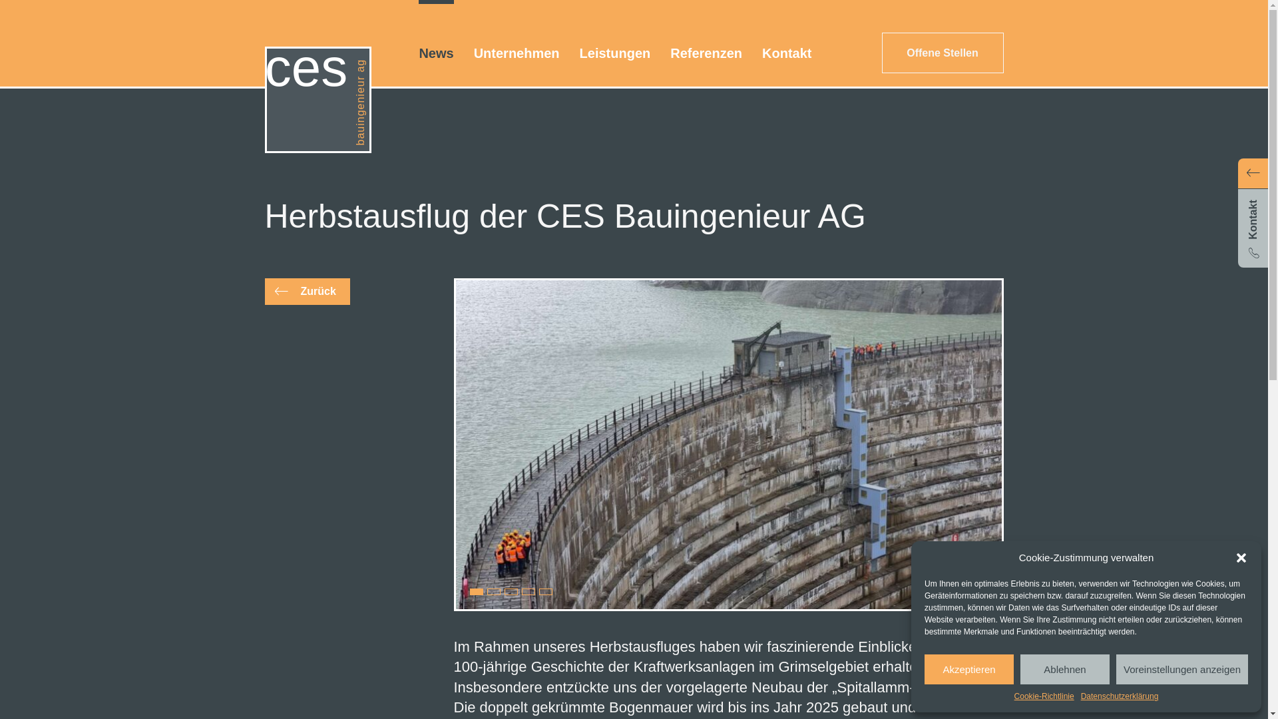 Image resolution: width=1278 pixels, height=719 pixels. I want to click on 'News', so click(435, 53).